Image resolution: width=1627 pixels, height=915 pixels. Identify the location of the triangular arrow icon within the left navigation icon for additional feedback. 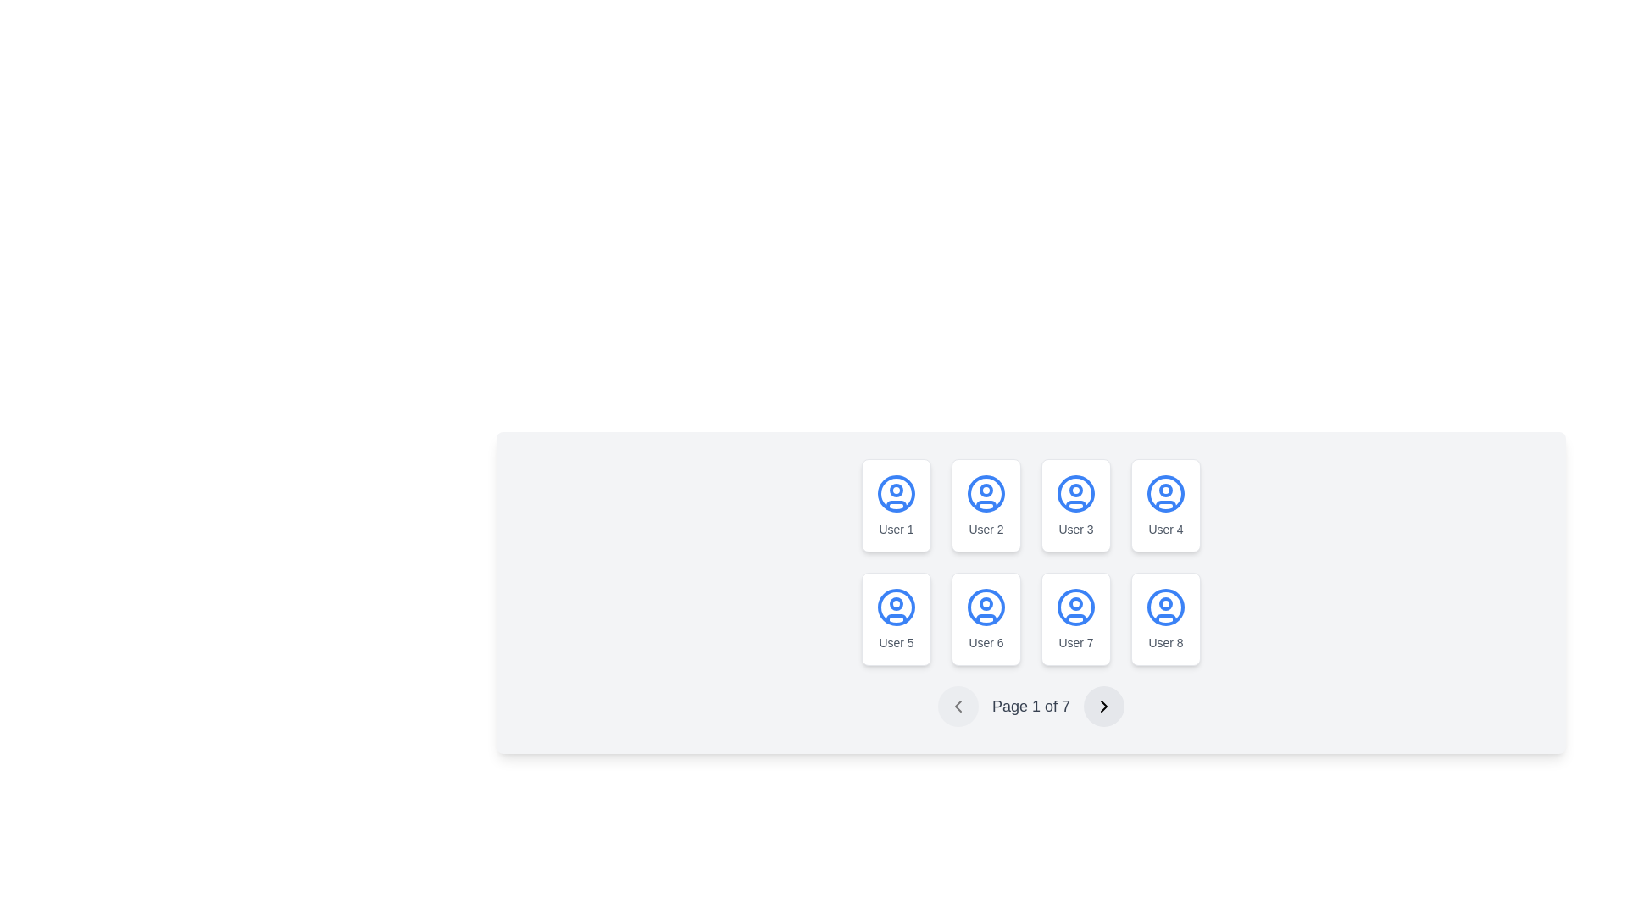
(958, 706).